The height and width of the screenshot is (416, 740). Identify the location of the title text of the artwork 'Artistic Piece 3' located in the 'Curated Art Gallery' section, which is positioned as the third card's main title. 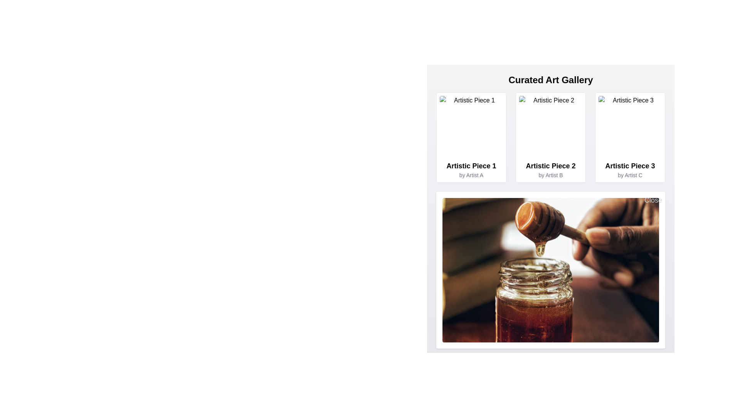
(630, 166).